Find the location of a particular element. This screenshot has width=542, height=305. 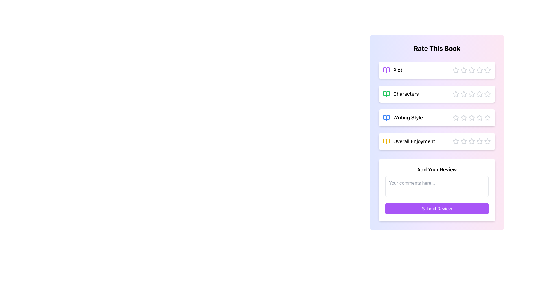

the submit review button located at the bottom of the 'Add Your Review' section to observe the hover effect is located at coordinates (437, 209).